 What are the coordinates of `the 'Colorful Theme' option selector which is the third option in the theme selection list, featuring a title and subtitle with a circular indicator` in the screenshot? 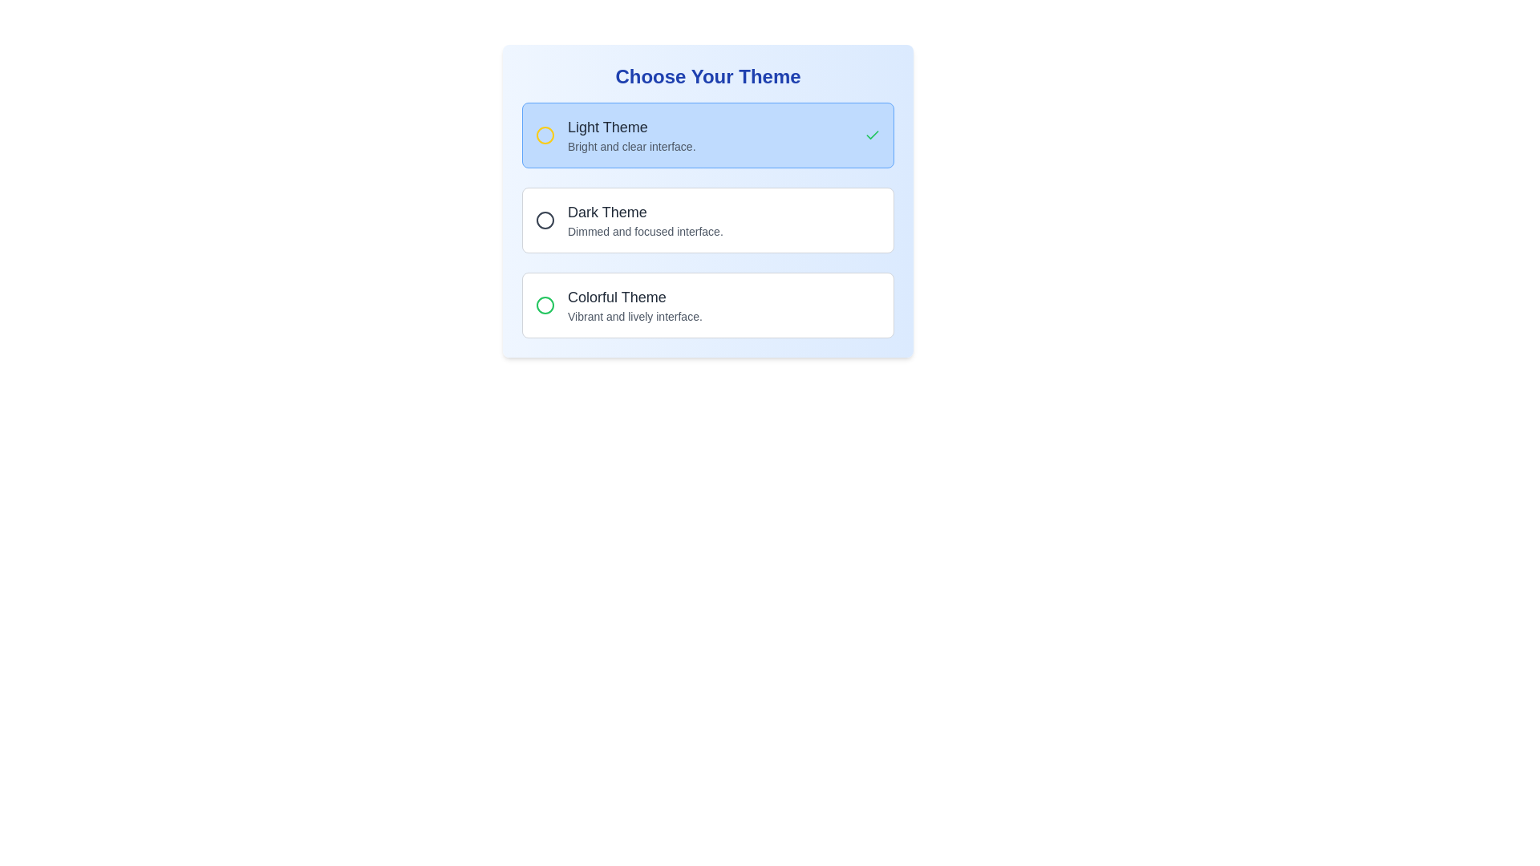 It's located at (618, 306).